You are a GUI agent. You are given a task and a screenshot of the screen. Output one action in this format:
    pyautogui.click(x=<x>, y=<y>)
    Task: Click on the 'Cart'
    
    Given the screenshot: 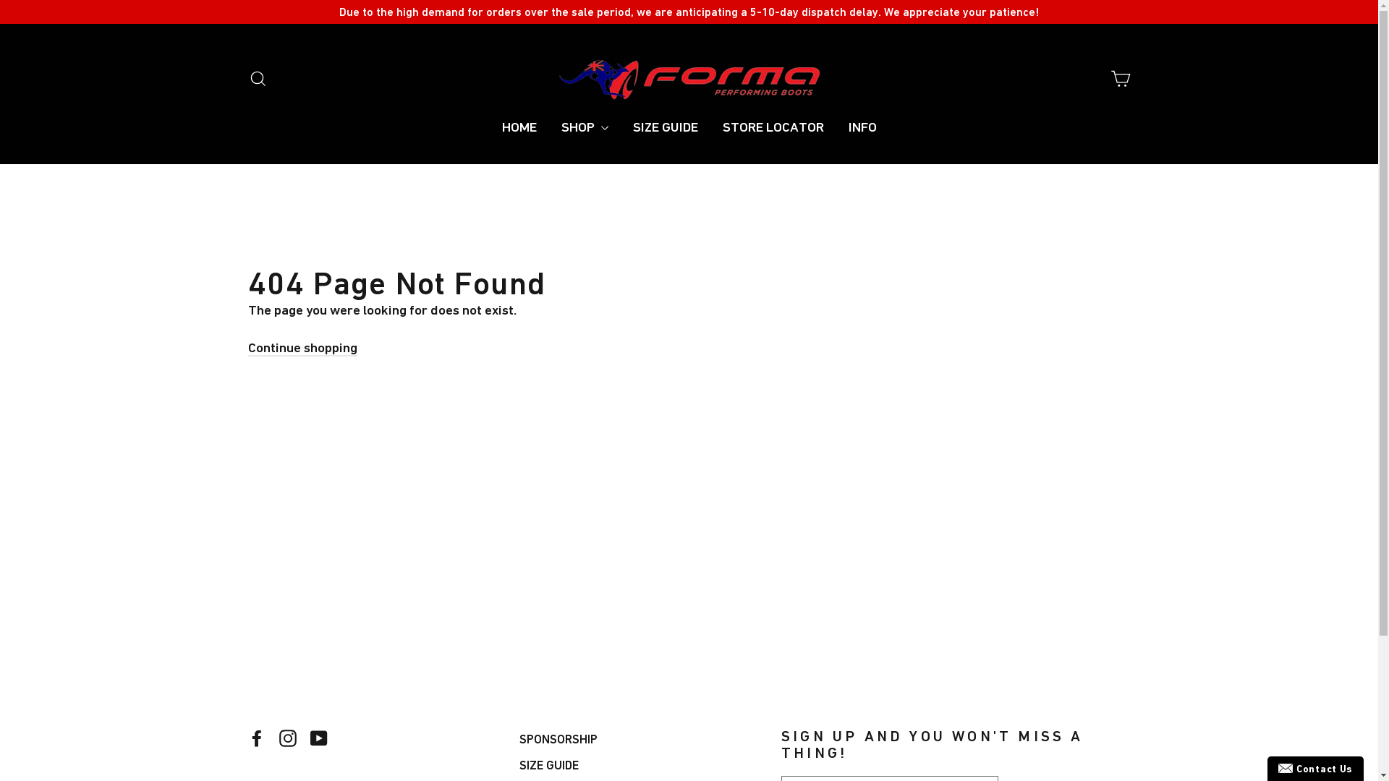 What is the action you would take?
    pyautogui.click(x=1119, y=79)
    